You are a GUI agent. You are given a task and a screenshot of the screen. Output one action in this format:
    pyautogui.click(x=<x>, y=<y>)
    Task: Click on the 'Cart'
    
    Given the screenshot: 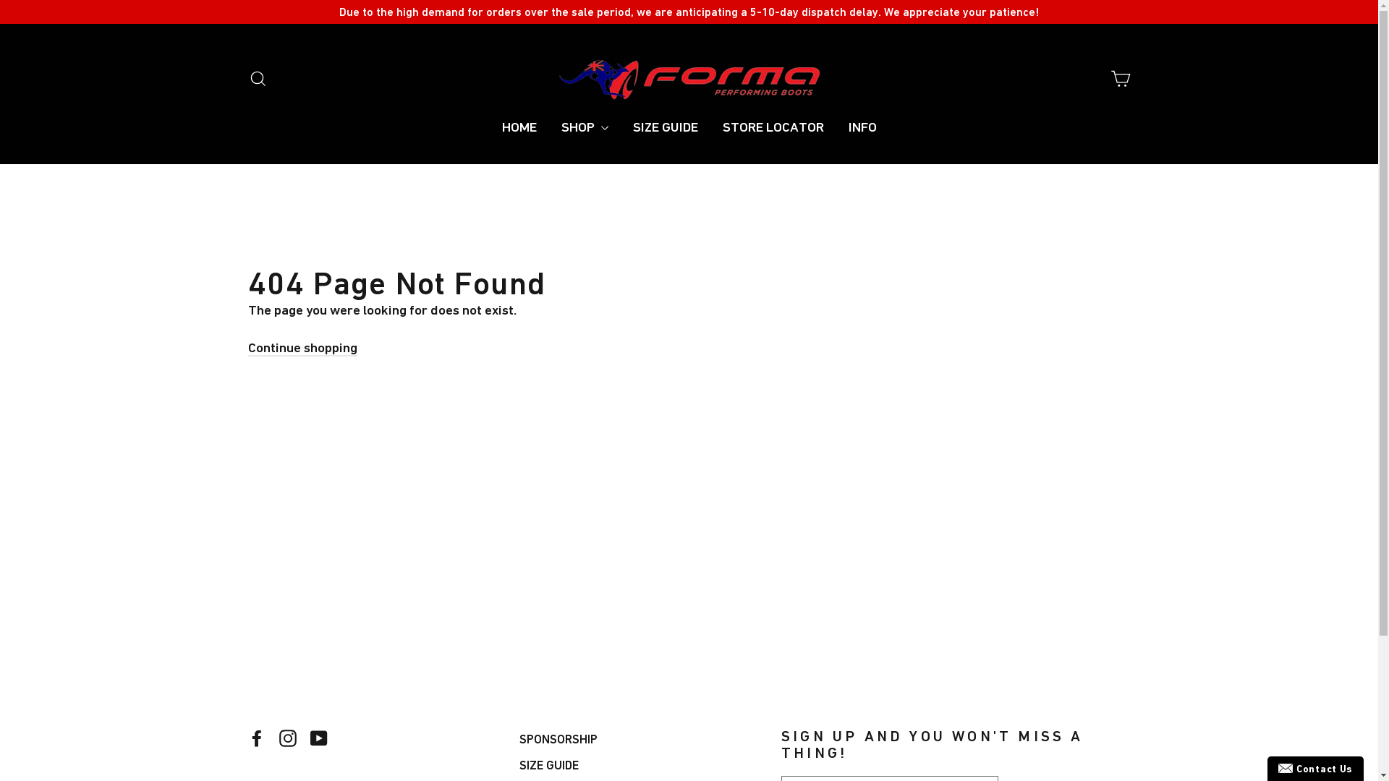 What is the action you would take?
    pyautogui.click(x=1119, y=79)
    